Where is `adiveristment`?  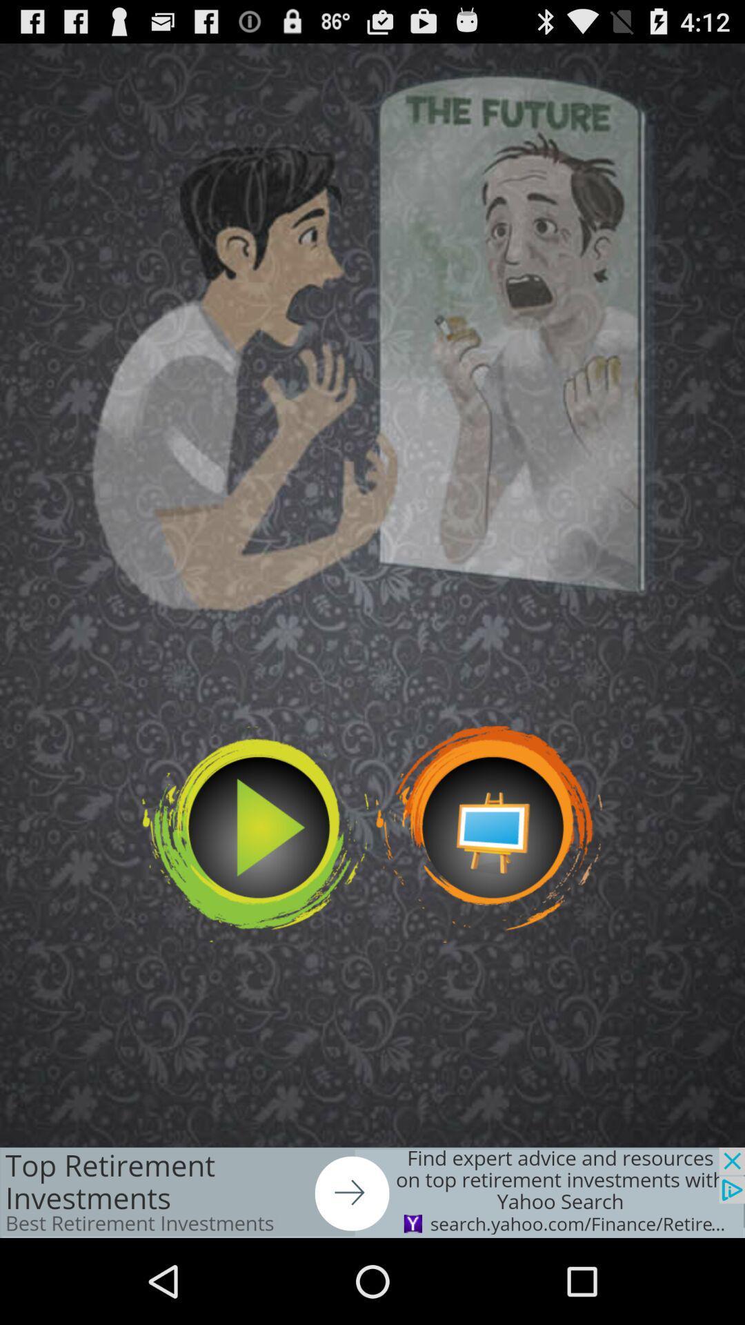
adiveristment is located at coordinates (372, 1192).